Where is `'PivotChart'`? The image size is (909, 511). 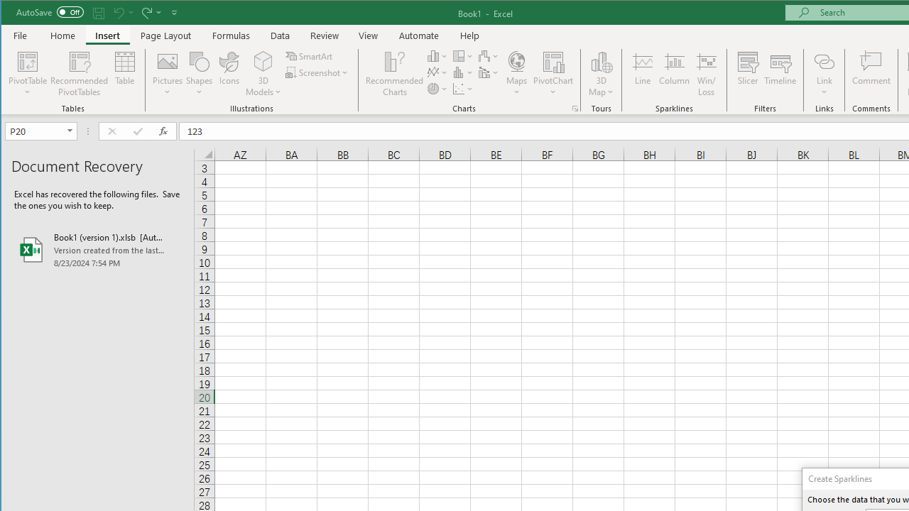 'PivotChart' is located at coordinates (553, 60).